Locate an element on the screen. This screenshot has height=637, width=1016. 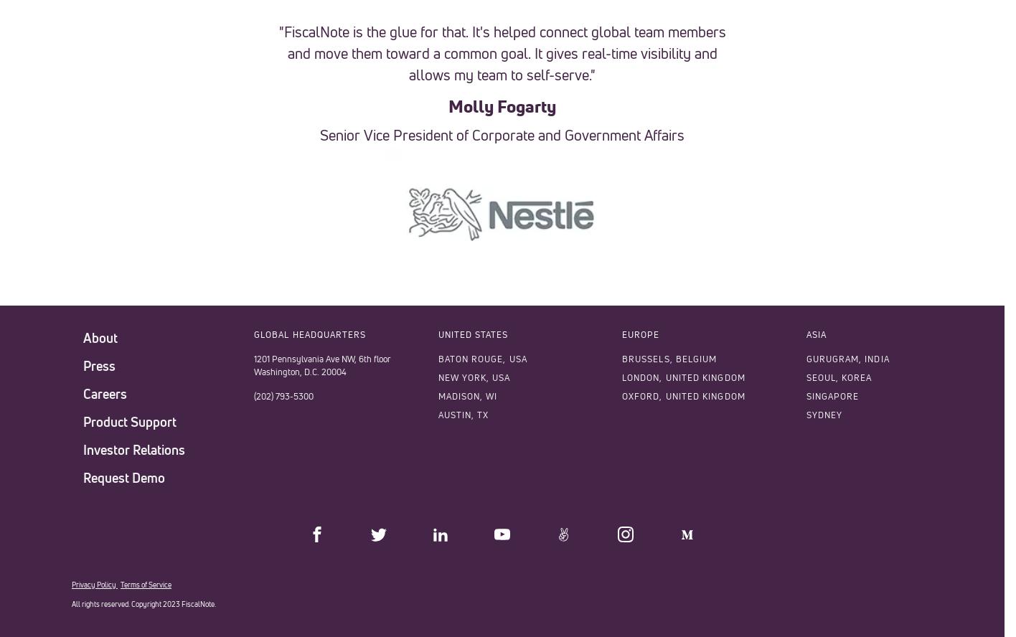
'1201 Pennsylvania Ave NW, 6th floor
Washington, D.C. 20004' is located at coordinates (321, 364).